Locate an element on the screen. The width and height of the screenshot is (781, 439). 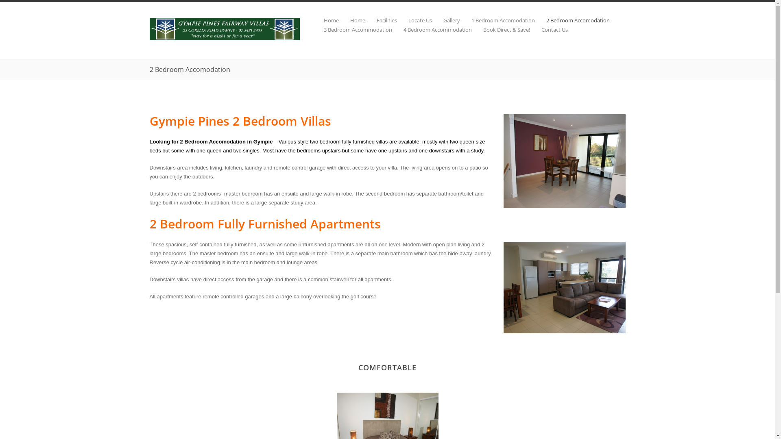
'Gallery' is located at coordinates (445, 20).